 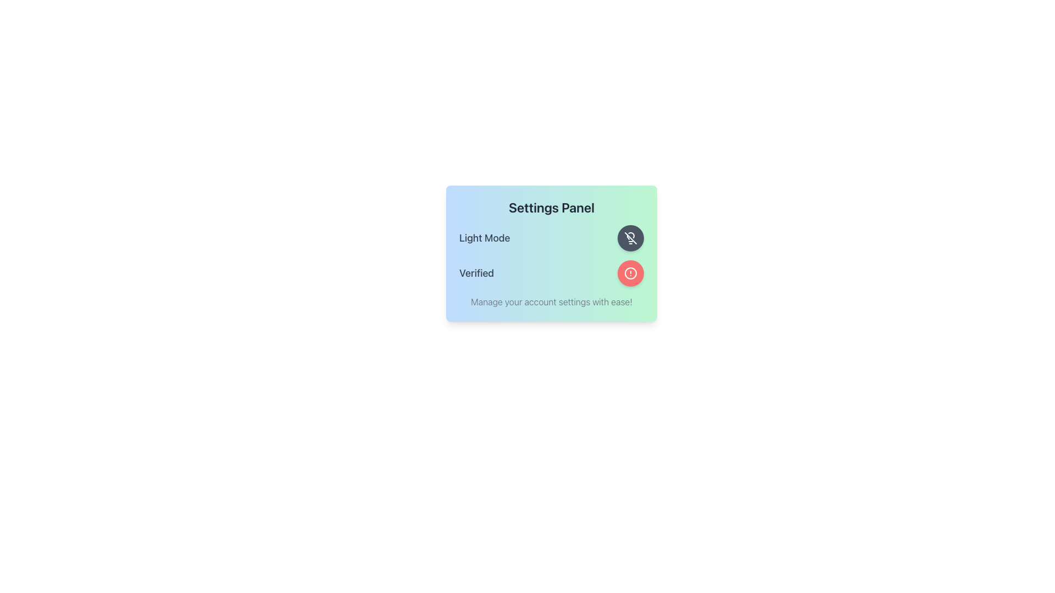 What do you see at coordinates (630, 272) in the screenshot?
I see `the alert icon located in the bottom-right corner of the panel, which signifies a warning related to the 'Verified' status` at bounding box center [630, 272].